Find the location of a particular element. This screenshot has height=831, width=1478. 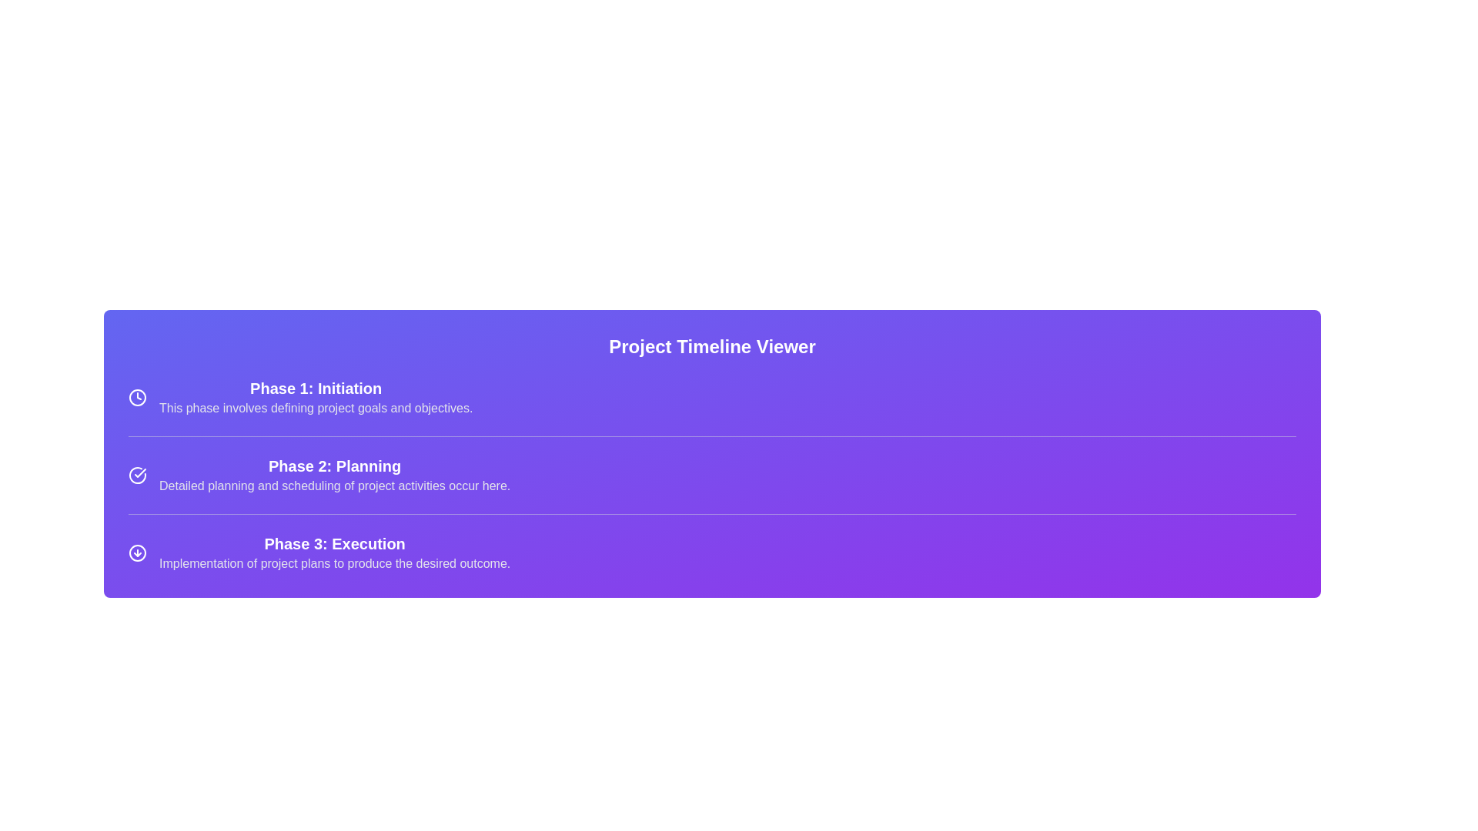

the descriptive Text label located below the 'Phase 3: Execution' title in the project timeline section is located at coordinates (334, 563).